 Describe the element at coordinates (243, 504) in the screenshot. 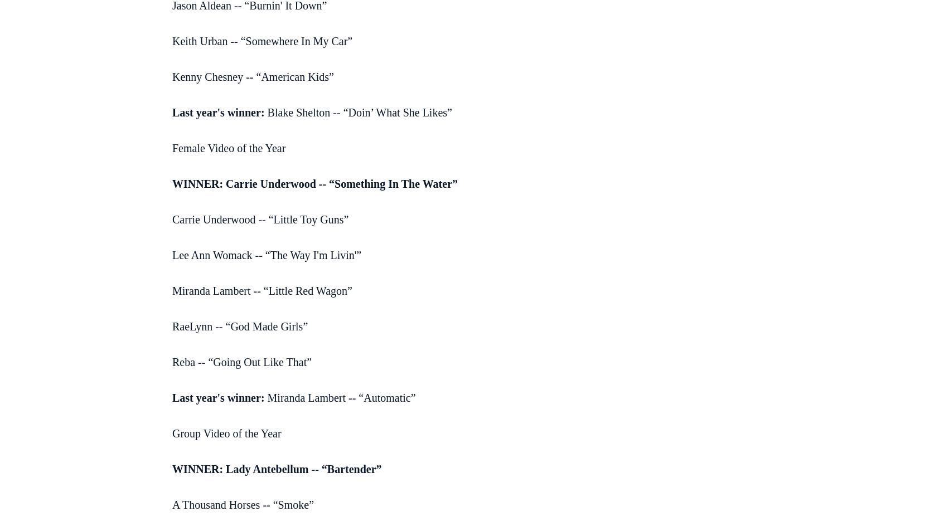

I see `'A Thousand Horses -- “Smoke”'` at that location.